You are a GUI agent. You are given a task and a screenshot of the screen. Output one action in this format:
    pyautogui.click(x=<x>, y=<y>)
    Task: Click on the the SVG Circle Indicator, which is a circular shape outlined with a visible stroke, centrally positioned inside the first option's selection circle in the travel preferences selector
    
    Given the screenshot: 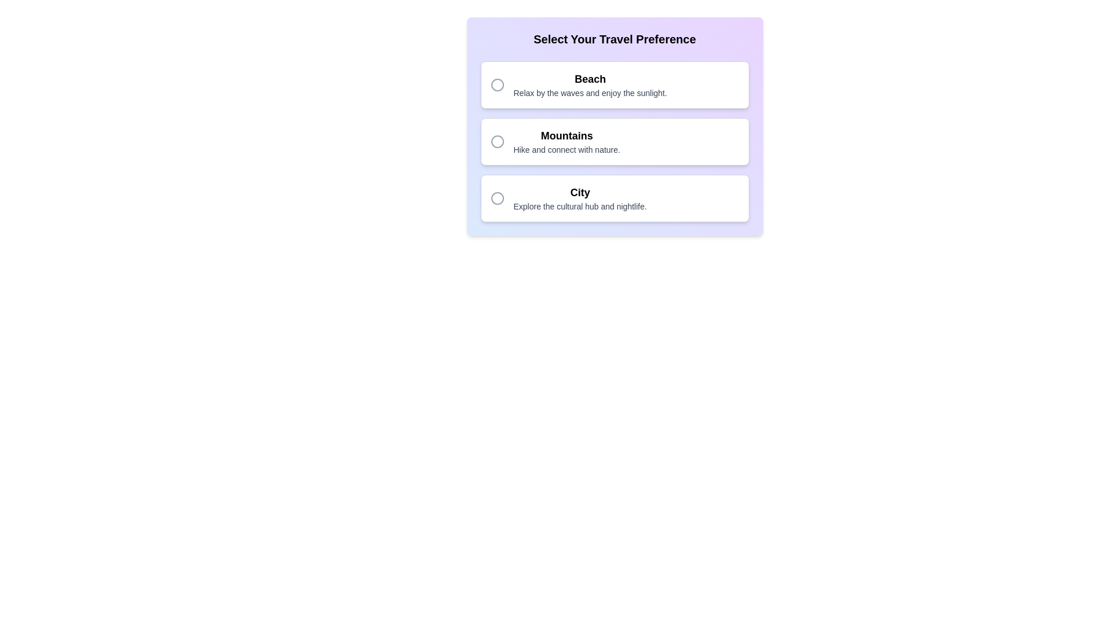 What is the action you would take?
    pyautogui.click(x=497, y=84)
    